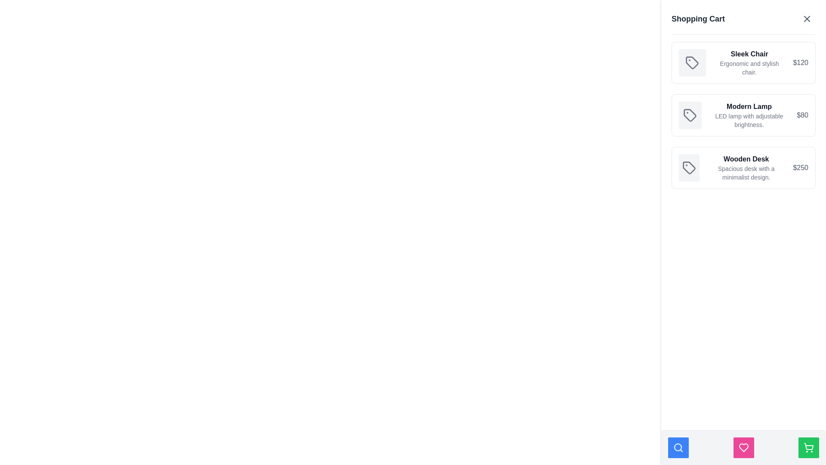  I want to click on the bold, large, gray text label reading 'Shopping Cart' located at the top of the right-side drawer, which serves as the section header, so click(698, 19).